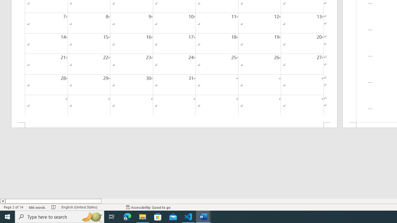 The image size is (397, 223). I want to click on 'Page Number Page 2 of 14', so click(13, 207).